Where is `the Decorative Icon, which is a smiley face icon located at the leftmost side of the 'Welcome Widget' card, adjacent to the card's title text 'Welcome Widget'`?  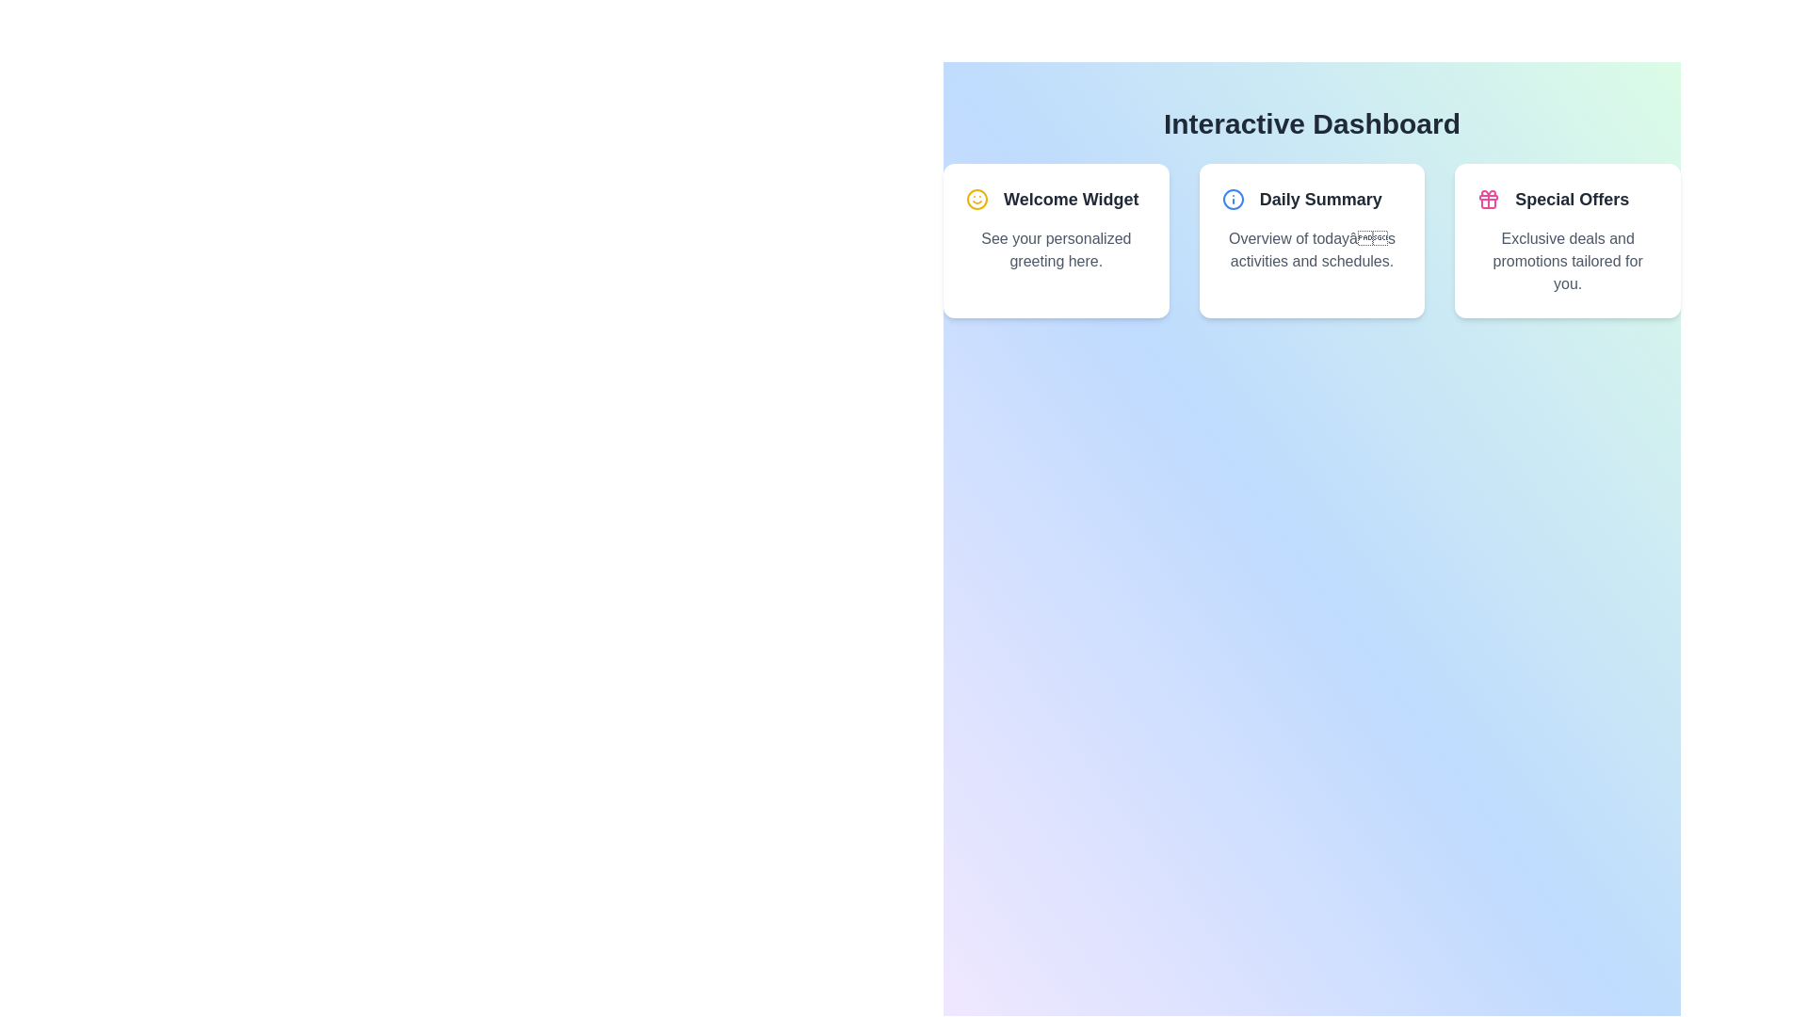 the Decorative Icon, which is a smiley face icon located at the leftmost side of the 'Welcome Widget' card, adjacent to the card's title text 'Welcome Widget' is located at coordinates (977, 200).